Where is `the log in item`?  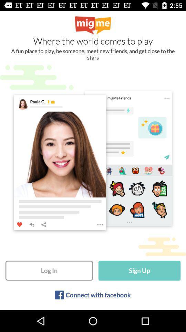 the log in item is located at coordinates (49, 270).